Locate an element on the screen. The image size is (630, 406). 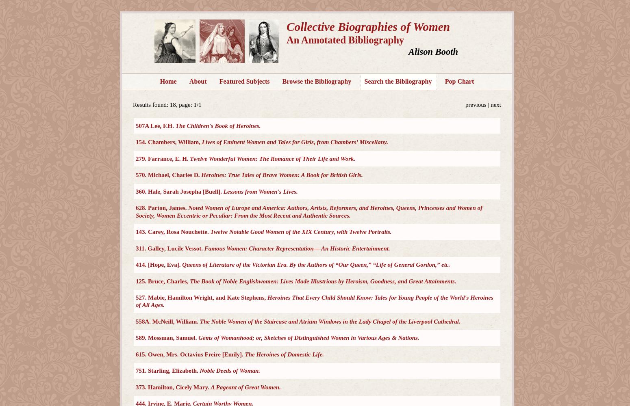
'Home' is located at coordinates (168, 80).